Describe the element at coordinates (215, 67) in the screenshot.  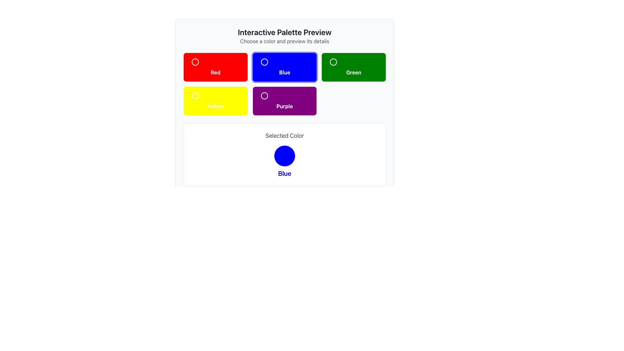
I see `the first button in the grid of color buttons` at that location.